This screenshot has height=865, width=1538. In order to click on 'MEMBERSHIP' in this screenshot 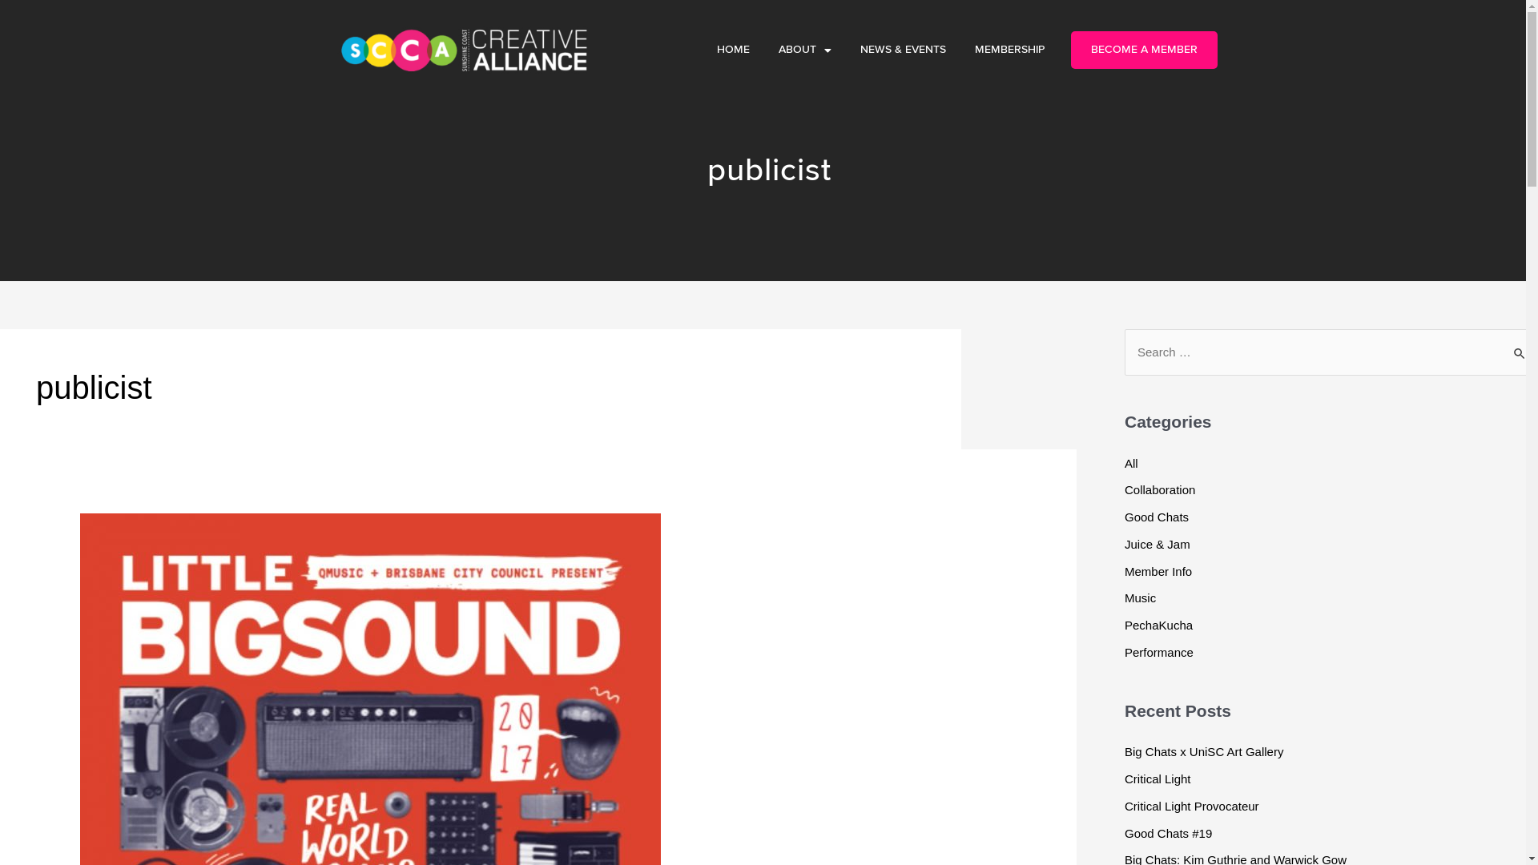, I will do `click(960, 49)`.